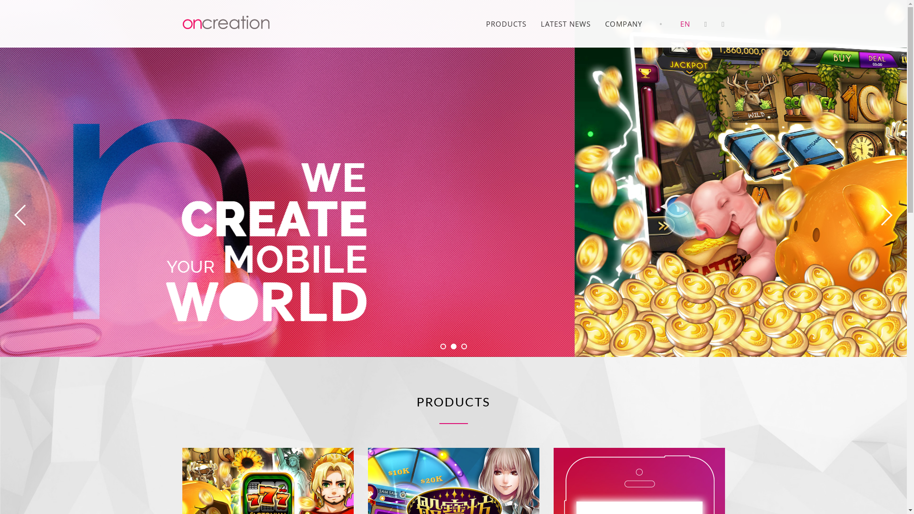 This screenshot has height=514, width=914. Describe the element at coordinates (566, 23) in the screenshot. I see `'LATEST NEWS'` at that location.